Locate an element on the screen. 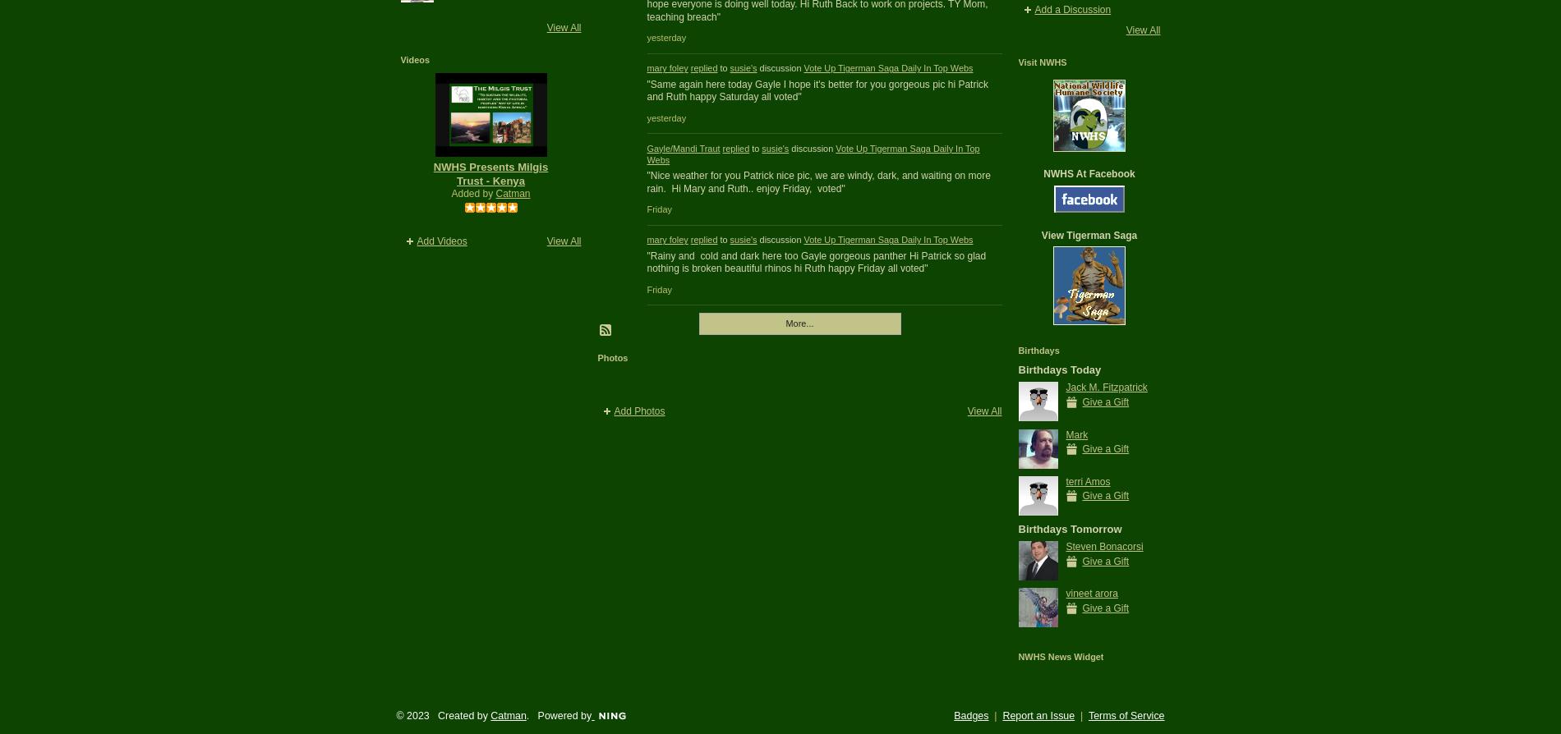  'Mark' is located at coordinates (1075, 434).